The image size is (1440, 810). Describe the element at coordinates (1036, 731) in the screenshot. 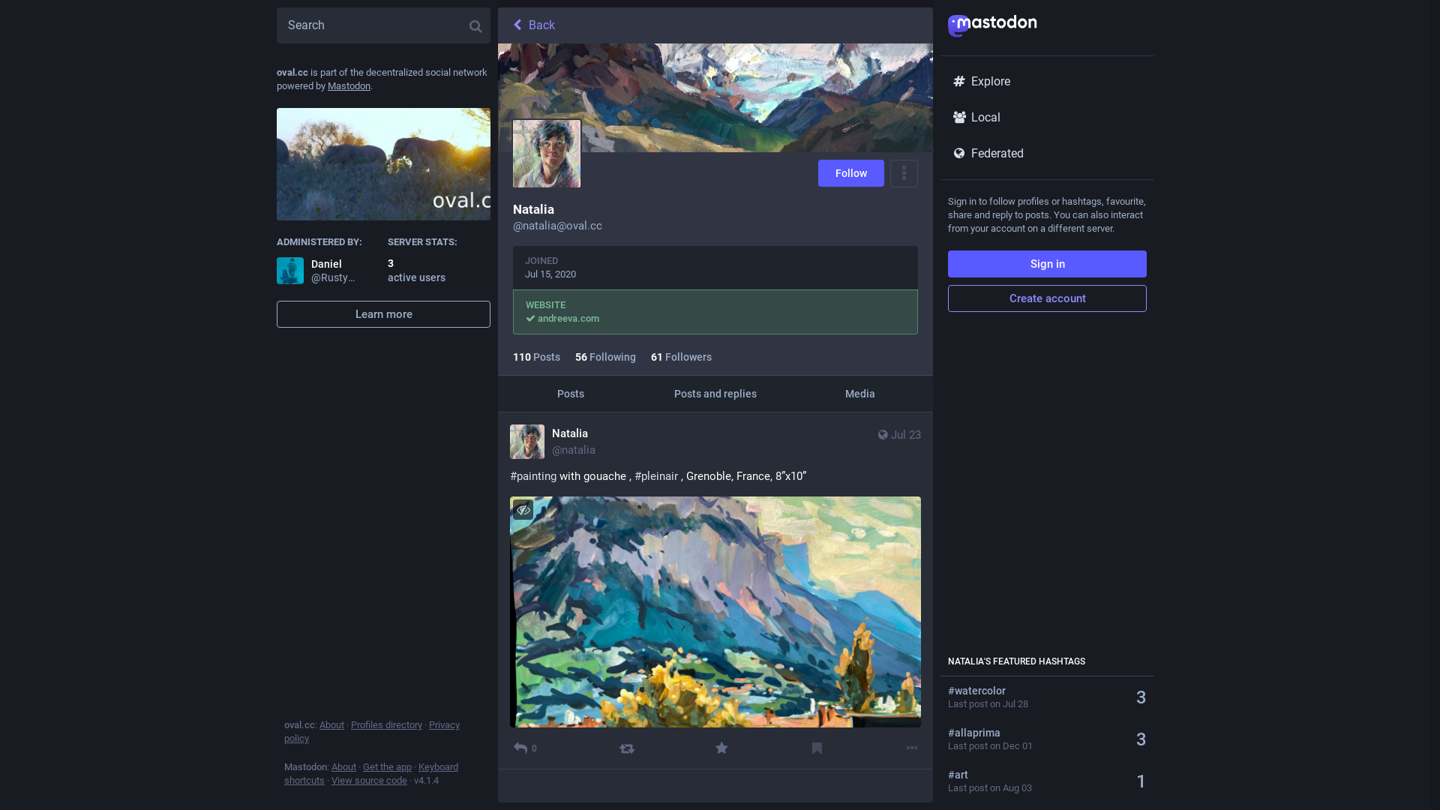

I see `'#allaprima'` at that location.